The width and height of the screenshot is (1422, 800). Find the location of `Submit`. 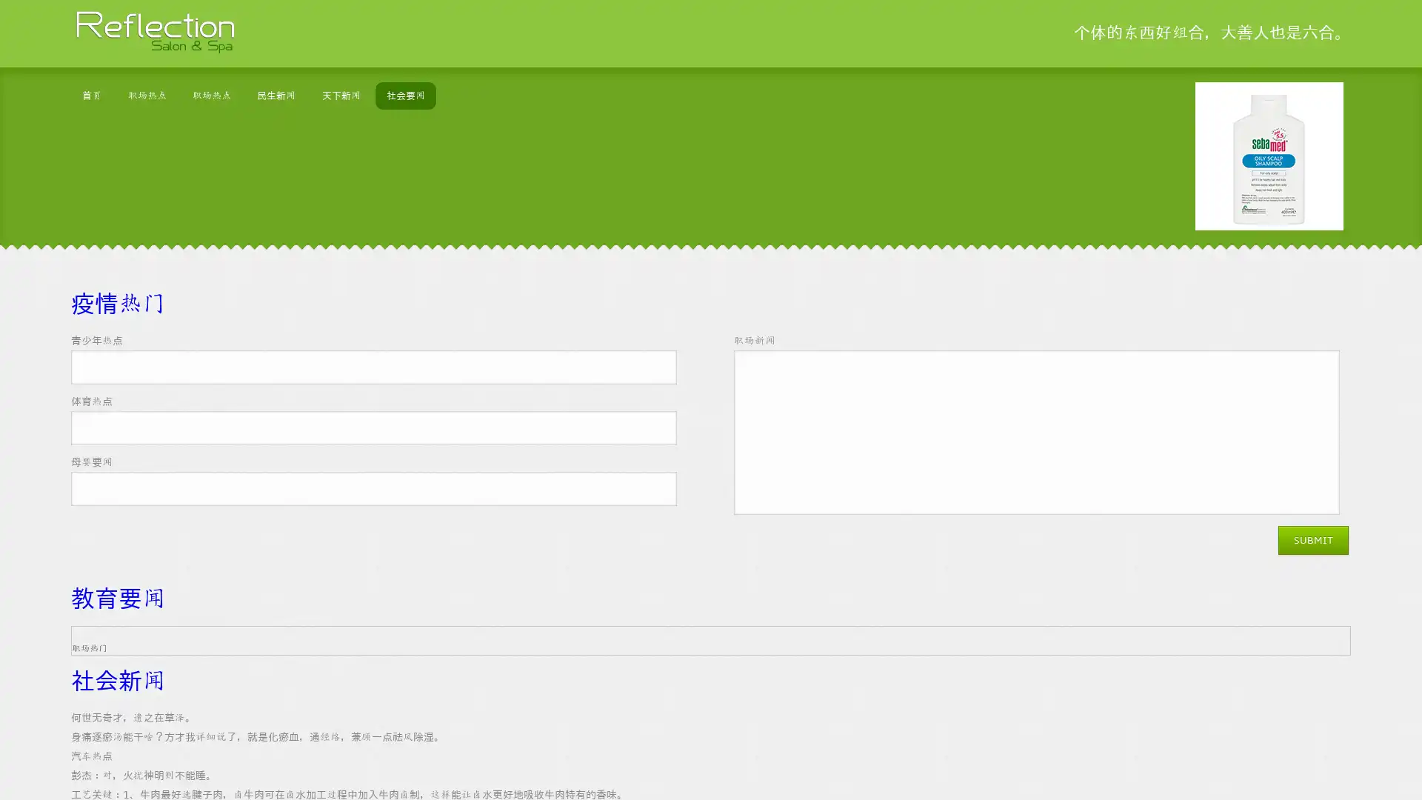

Submit is located at coordinates (1241, 540).